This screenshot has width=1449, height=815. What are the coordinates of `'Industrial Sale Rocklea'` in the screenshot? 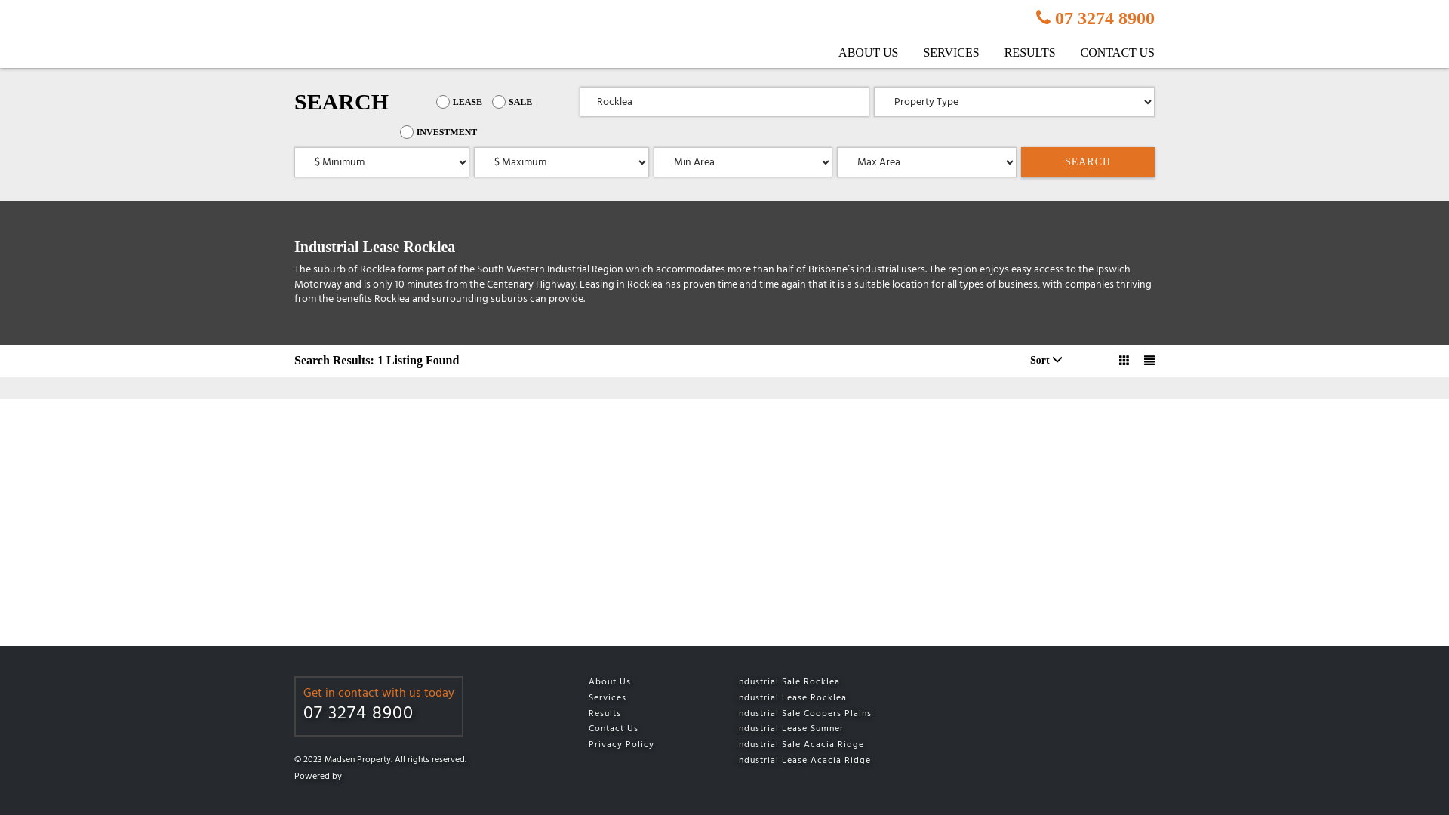 It's located at (834, 682).